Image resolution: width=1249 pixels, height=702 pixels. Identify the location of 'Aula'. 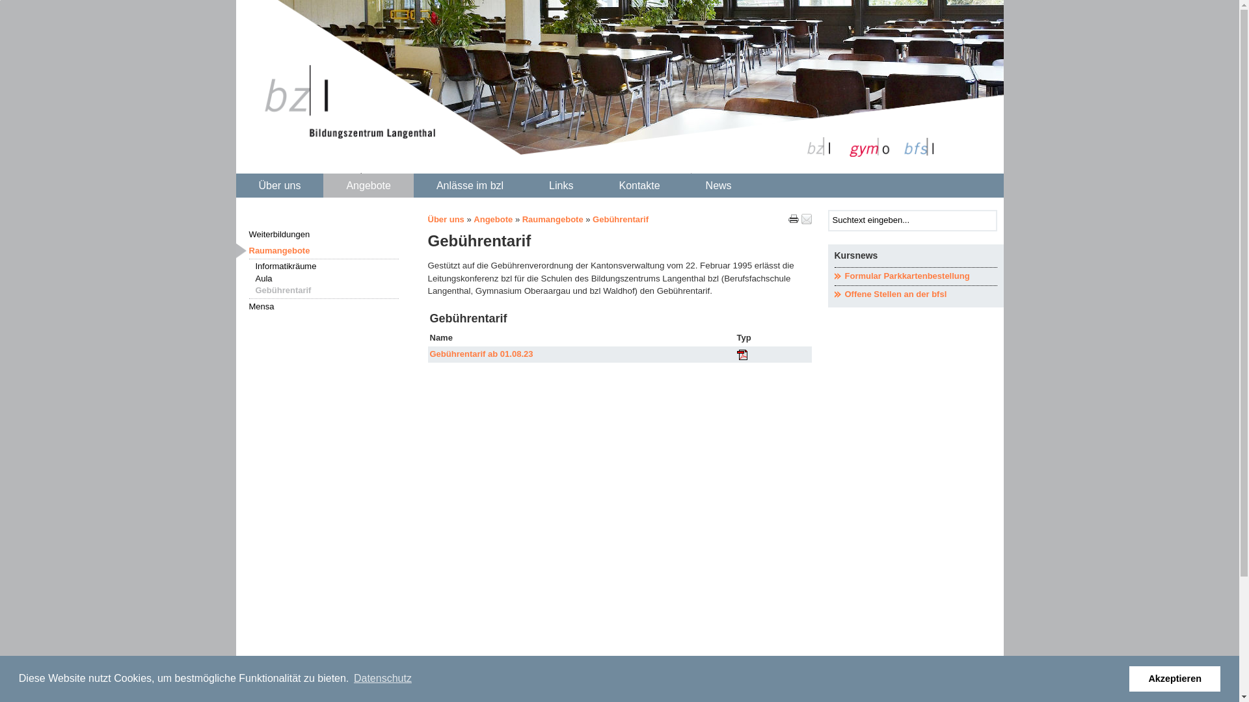
(327, 278).